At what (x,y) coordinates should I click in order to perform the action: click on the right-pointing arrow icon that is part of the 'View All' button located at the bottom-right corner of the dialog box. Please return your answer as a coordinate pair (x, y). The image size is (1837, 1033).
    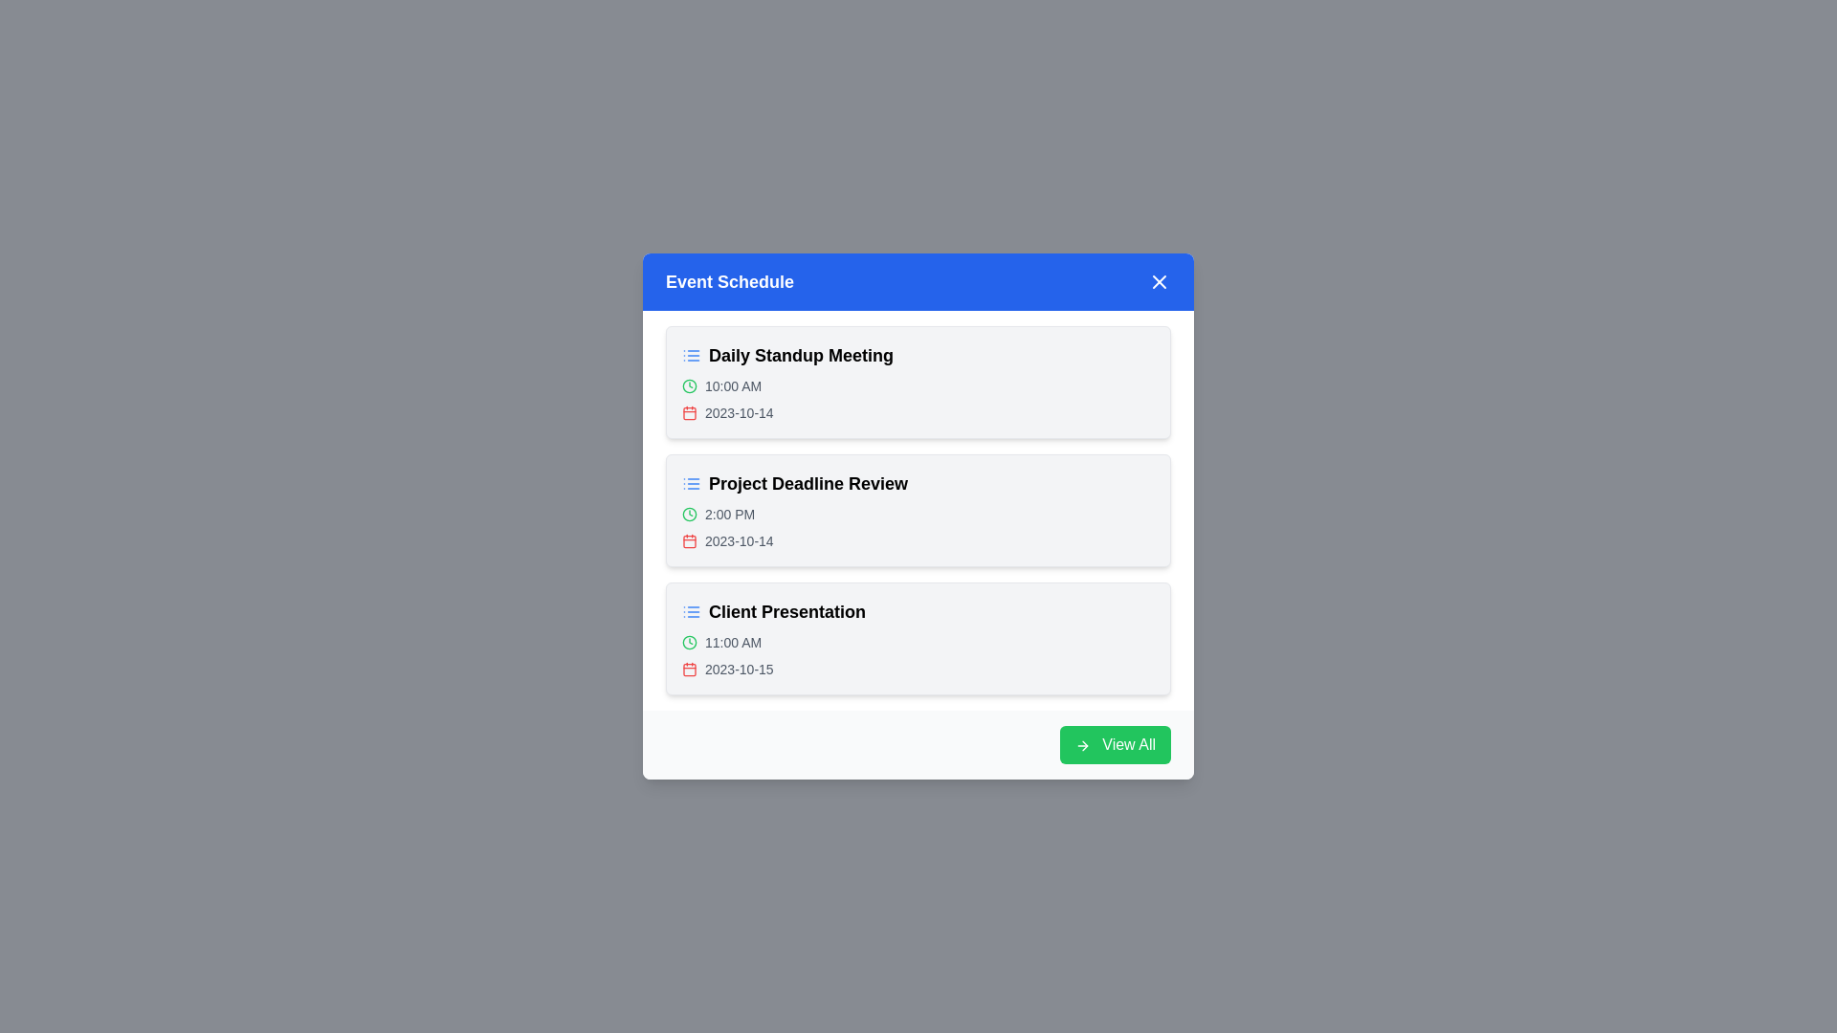
    Looking at the image, I should click on (1082, 744).